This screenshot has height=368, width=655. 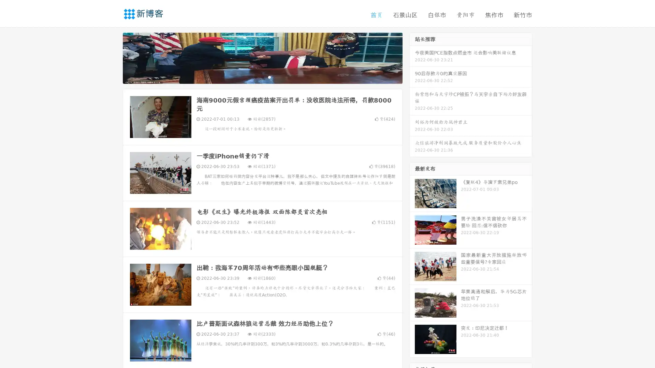 I want to click on Go to slide 3, so click(x=269, y=77).